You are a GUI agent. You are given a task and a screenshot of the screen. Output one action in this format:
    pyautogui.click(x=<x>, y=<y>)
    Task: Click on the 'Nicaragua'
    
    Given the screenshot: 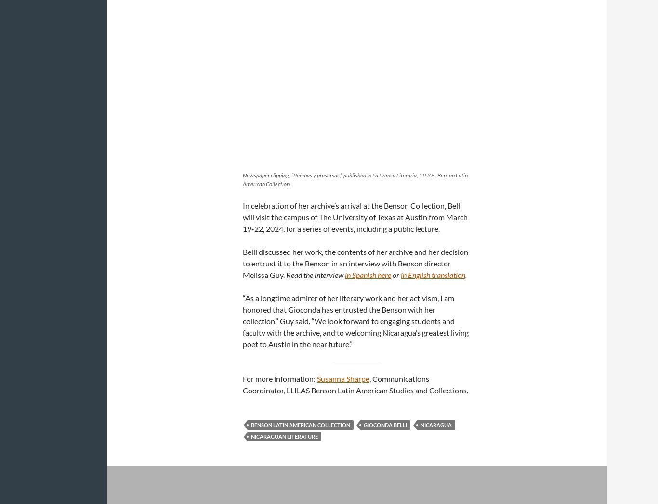 What is the action you would take?
    pyautogui.click(x=435, y=424)
    